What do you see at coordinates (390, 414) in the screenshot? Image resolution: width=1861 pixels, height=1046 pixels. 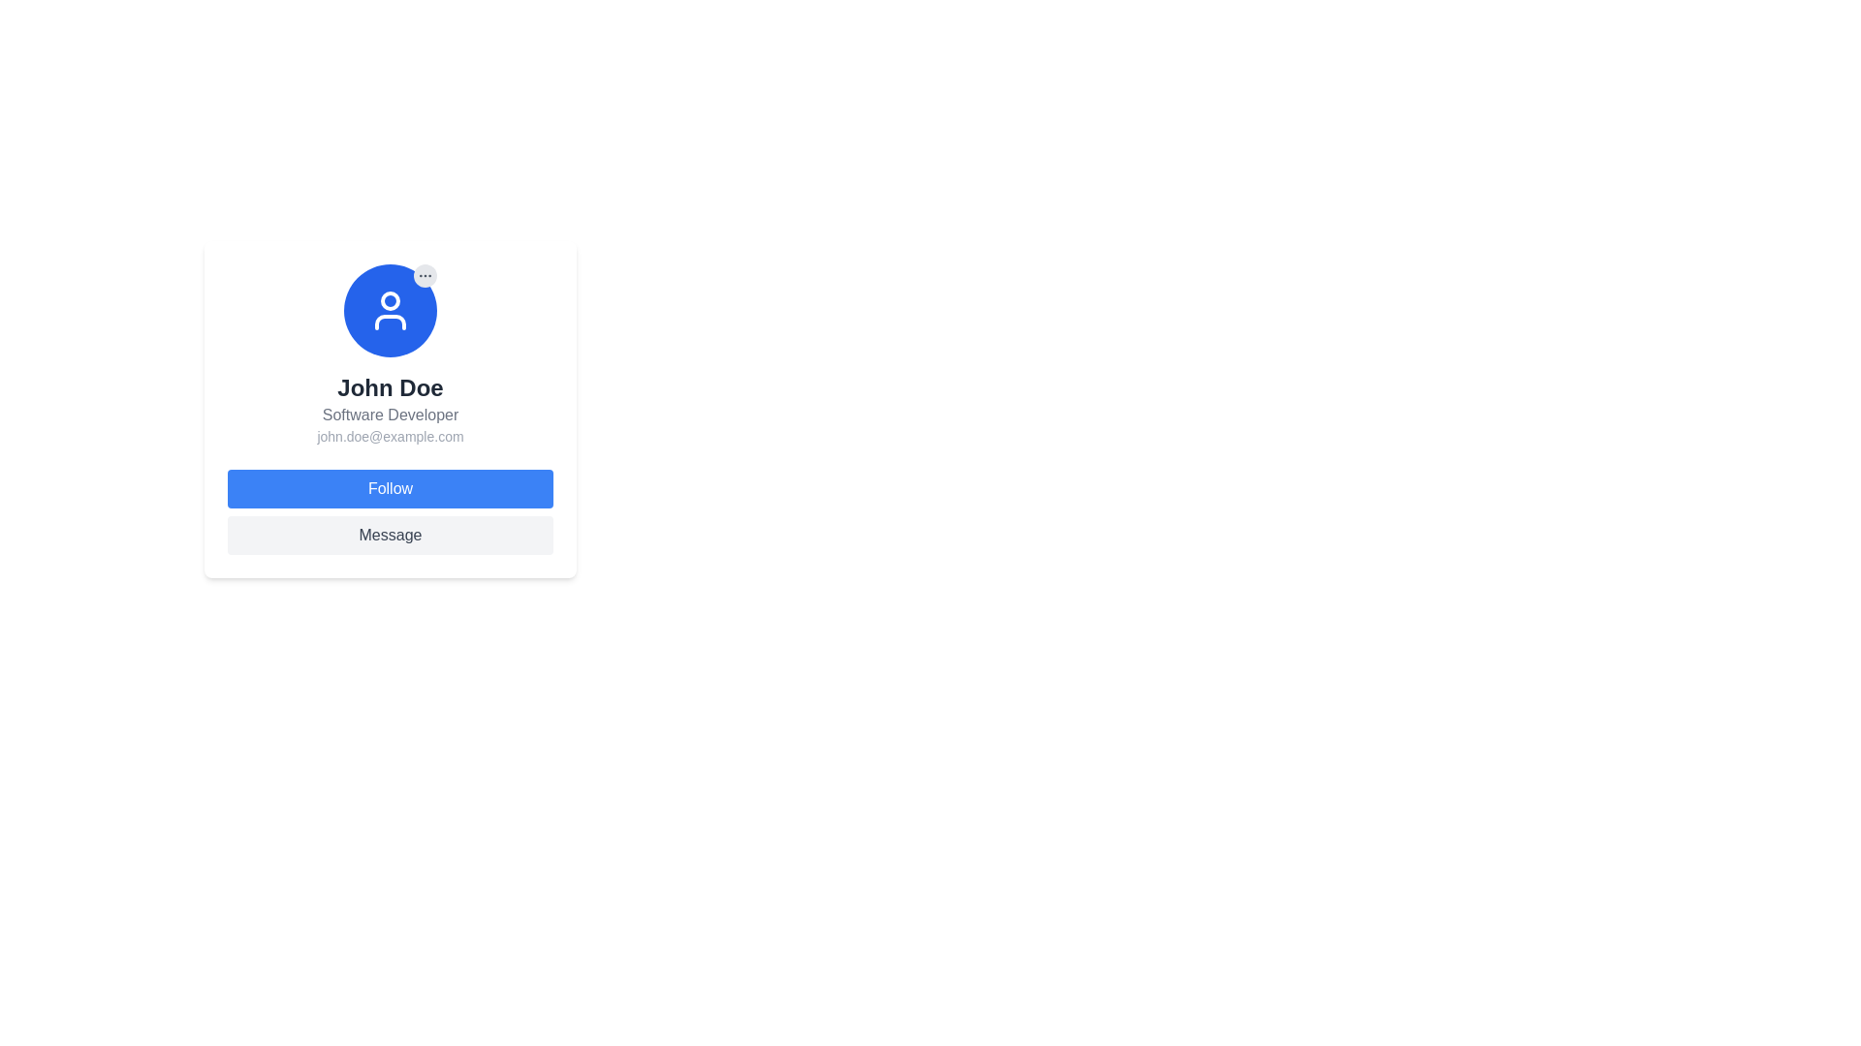 I see `the text label indicating the professional title or role of the user, which is positioned directly under the name 'John Doe' in the profile card` at bounding box center [390, 414].